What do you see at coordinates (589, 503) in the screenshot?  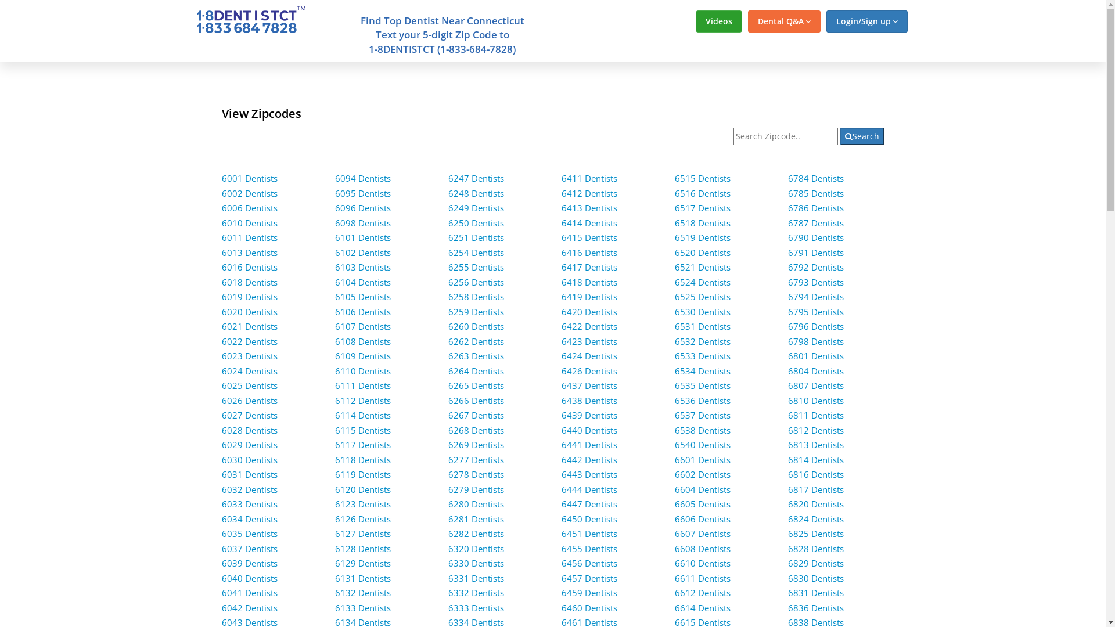 I see `'6447 Dentists'` at bounding box center [589, 503].